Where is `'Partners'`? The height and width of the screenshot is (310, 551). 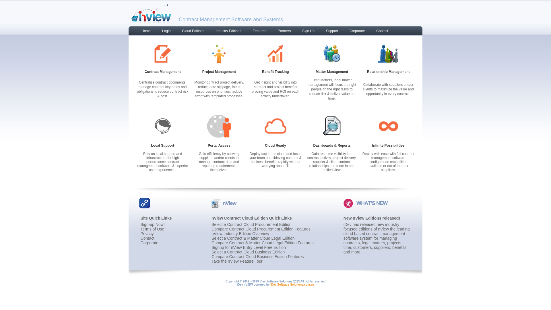 'Partners' is located at coordinates (269, 32).